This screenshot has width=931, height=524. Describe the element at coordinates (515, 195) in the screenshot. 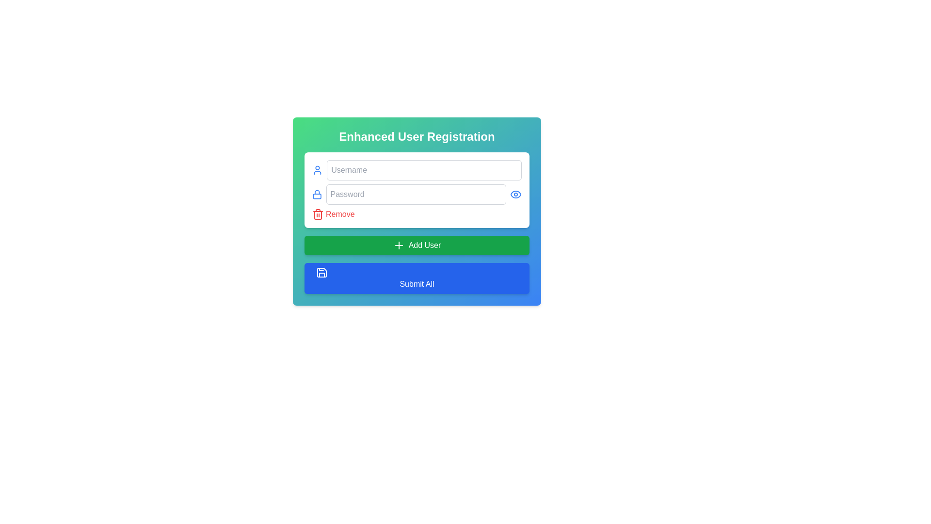

I see `the blue eye icon button located at the right end of the password input field` at that location.